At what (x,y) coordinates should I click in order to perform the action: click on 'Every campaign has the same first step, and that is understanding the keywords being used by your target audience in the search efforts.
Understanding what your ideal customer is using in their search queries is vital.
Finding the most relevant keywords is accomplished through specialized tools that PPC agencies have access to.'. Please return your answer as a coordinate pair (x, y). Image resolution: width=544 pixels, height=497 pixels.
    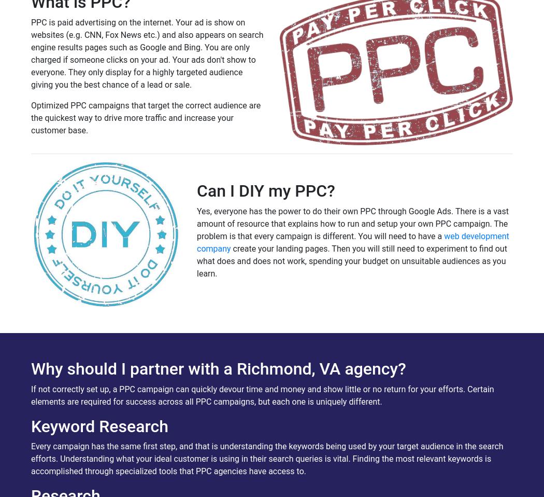
    Looking at the image, I should click on (266, 458).